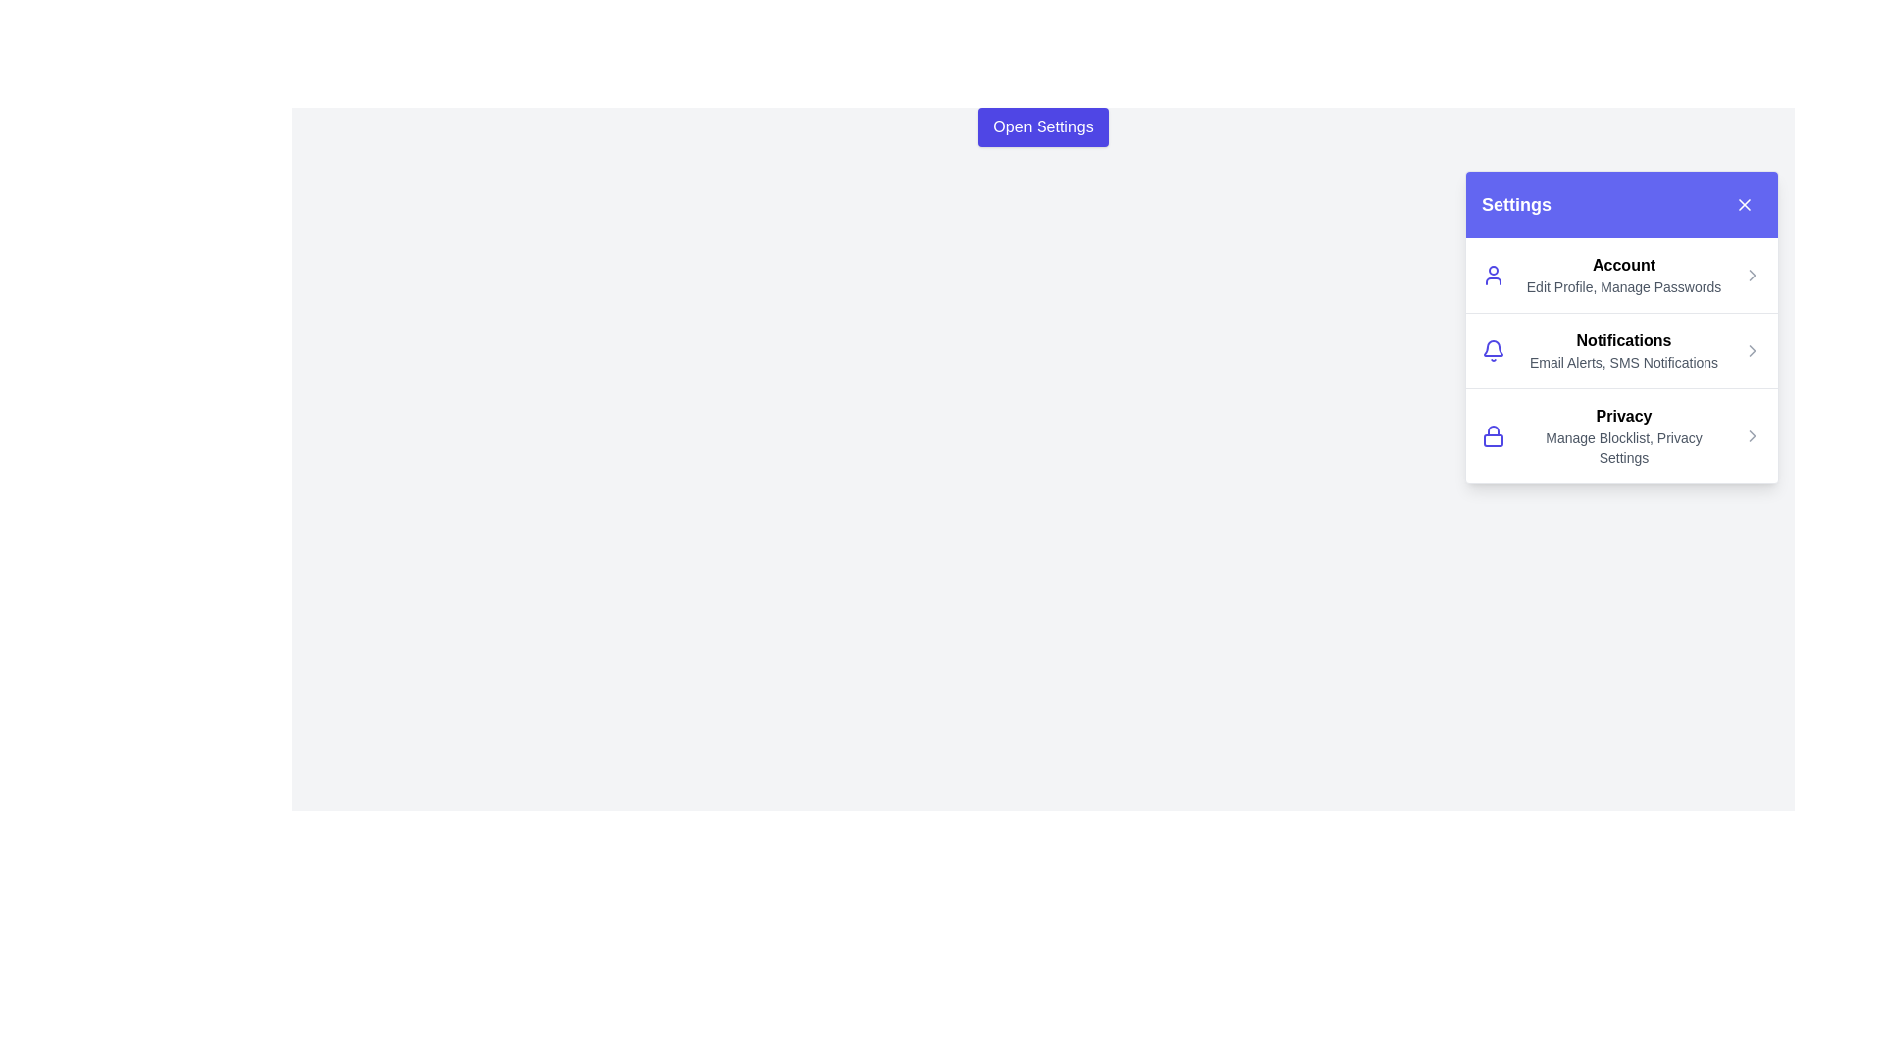  I want to click on the descriptive text label for 'Privacy' settings, which provides additional information about blocklist and privacy management, located underneath the bolded title 'Privacy', so click(1624, 447).